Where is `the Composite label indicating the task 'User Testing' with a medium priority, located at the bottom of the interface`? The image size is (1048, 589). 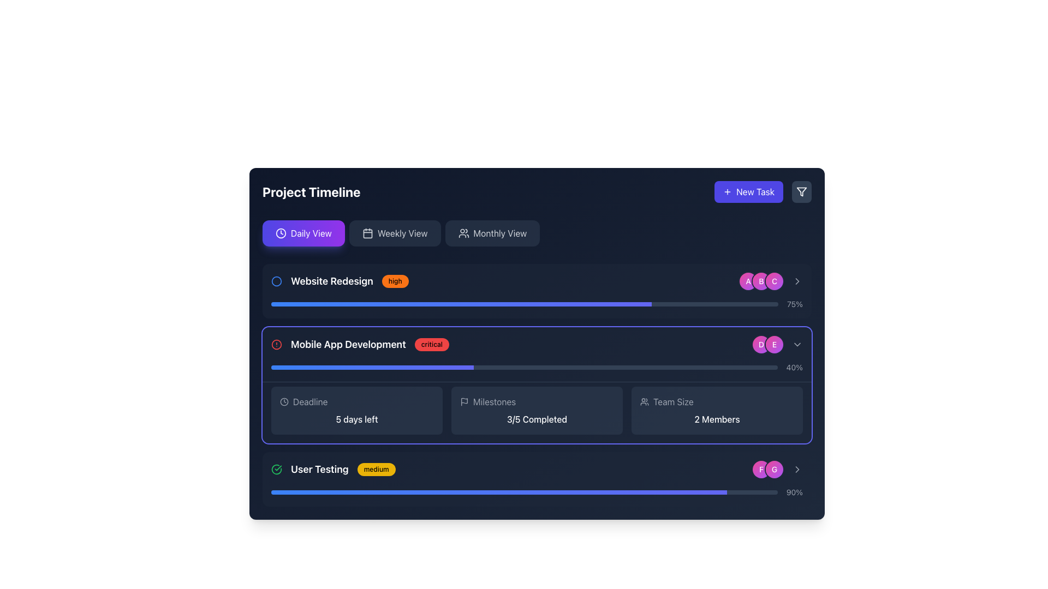 the Composite label indicating the task 'User Testing' with a medium priority, located at the bottom of the interface is located at coordinates (332, 468).